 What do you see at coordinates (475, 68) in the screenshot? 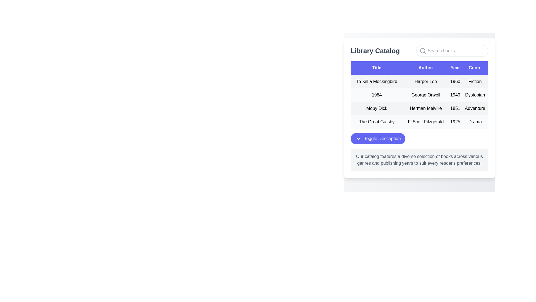
I see `the 'Genre' table header with a purple background and white bold text to potentially sort by this column` at bounding box center [475, 68].